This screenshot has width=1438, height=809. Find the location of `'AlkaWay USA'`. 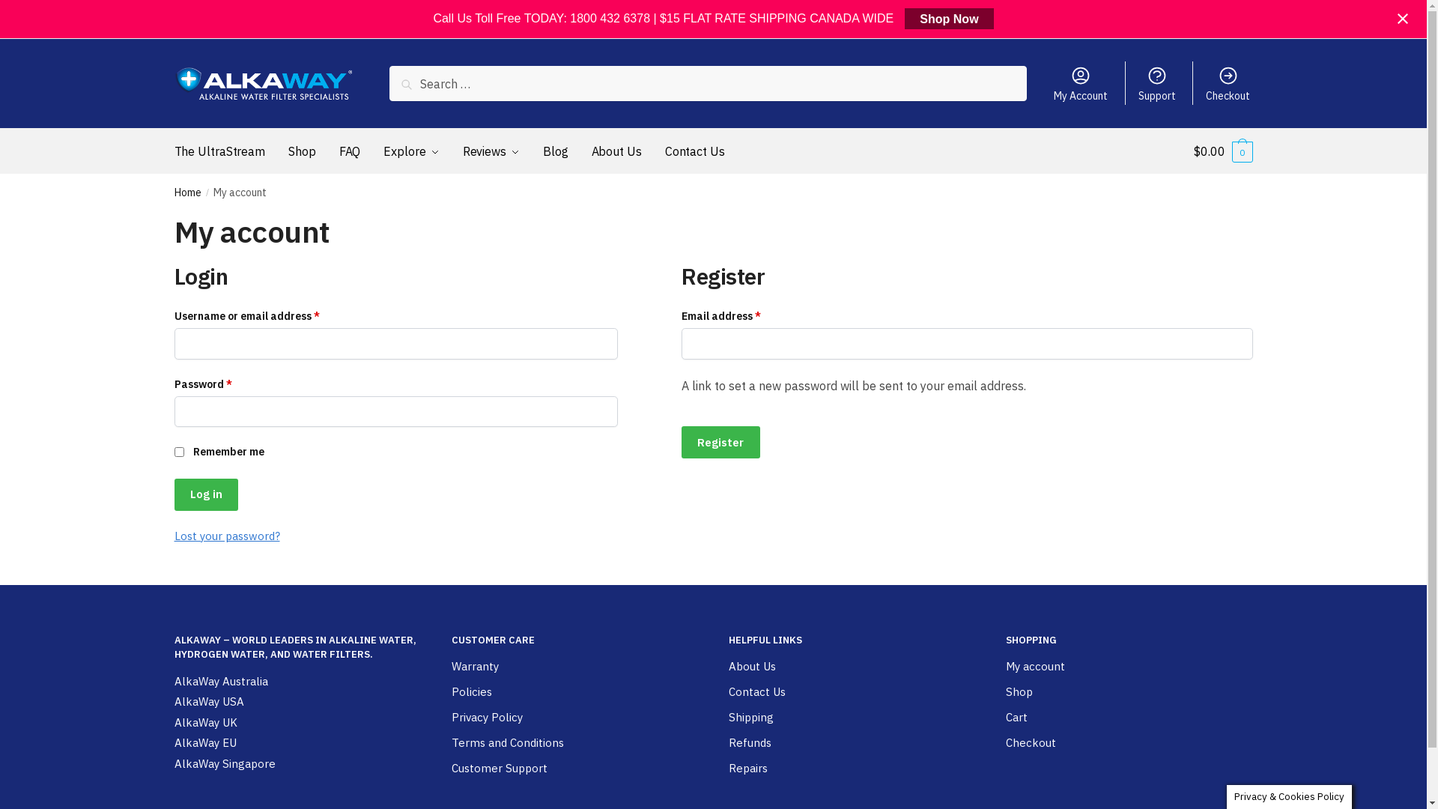

'AlkaWay USA' is located at coordinates (207, 702).